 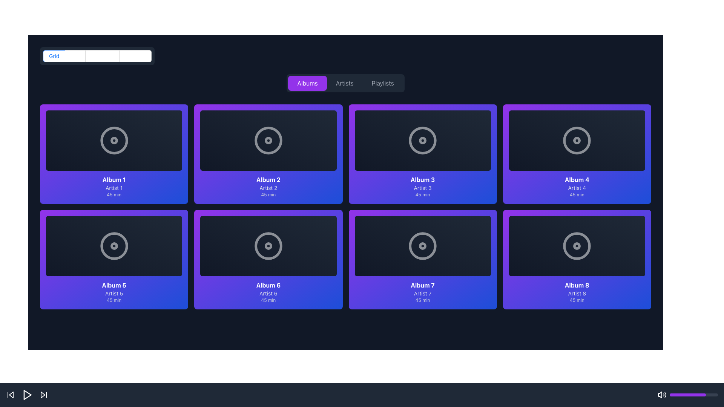 I want to click on progress bar, so click(x=677, y=395).